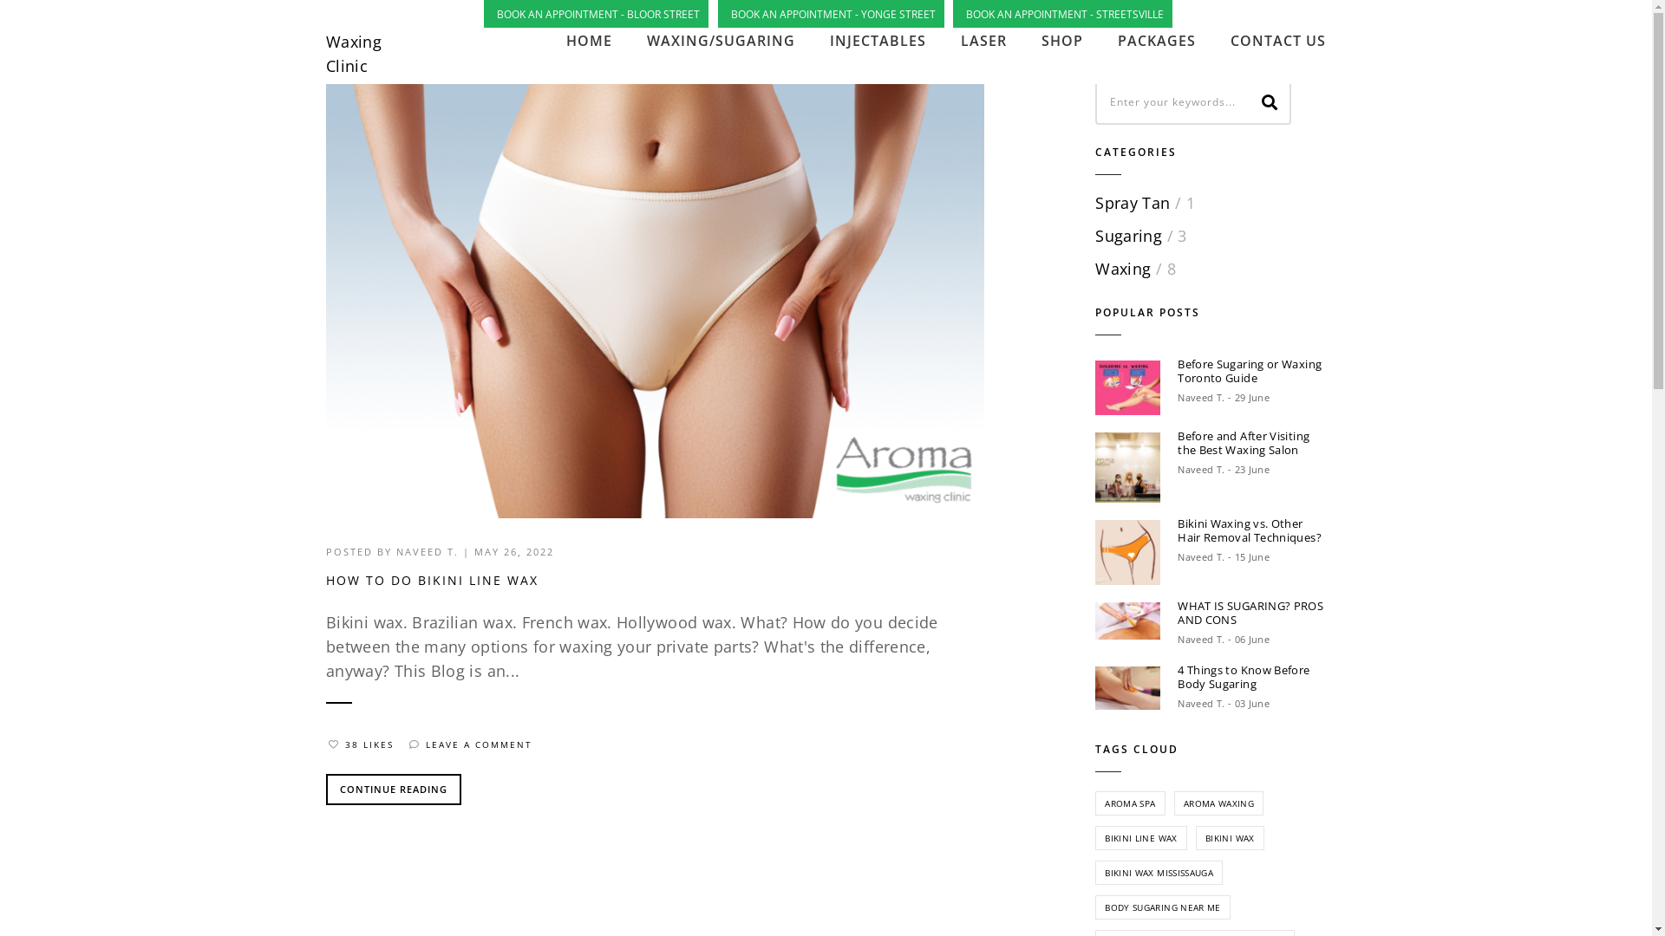 The height and width of the screenshot is (936, 1665). What do you see at coordinates (1251, 441) in the screenshot?
I see `'Before and After Visiting the Best Waxing Salon'` at bounding box center [1251, 441].